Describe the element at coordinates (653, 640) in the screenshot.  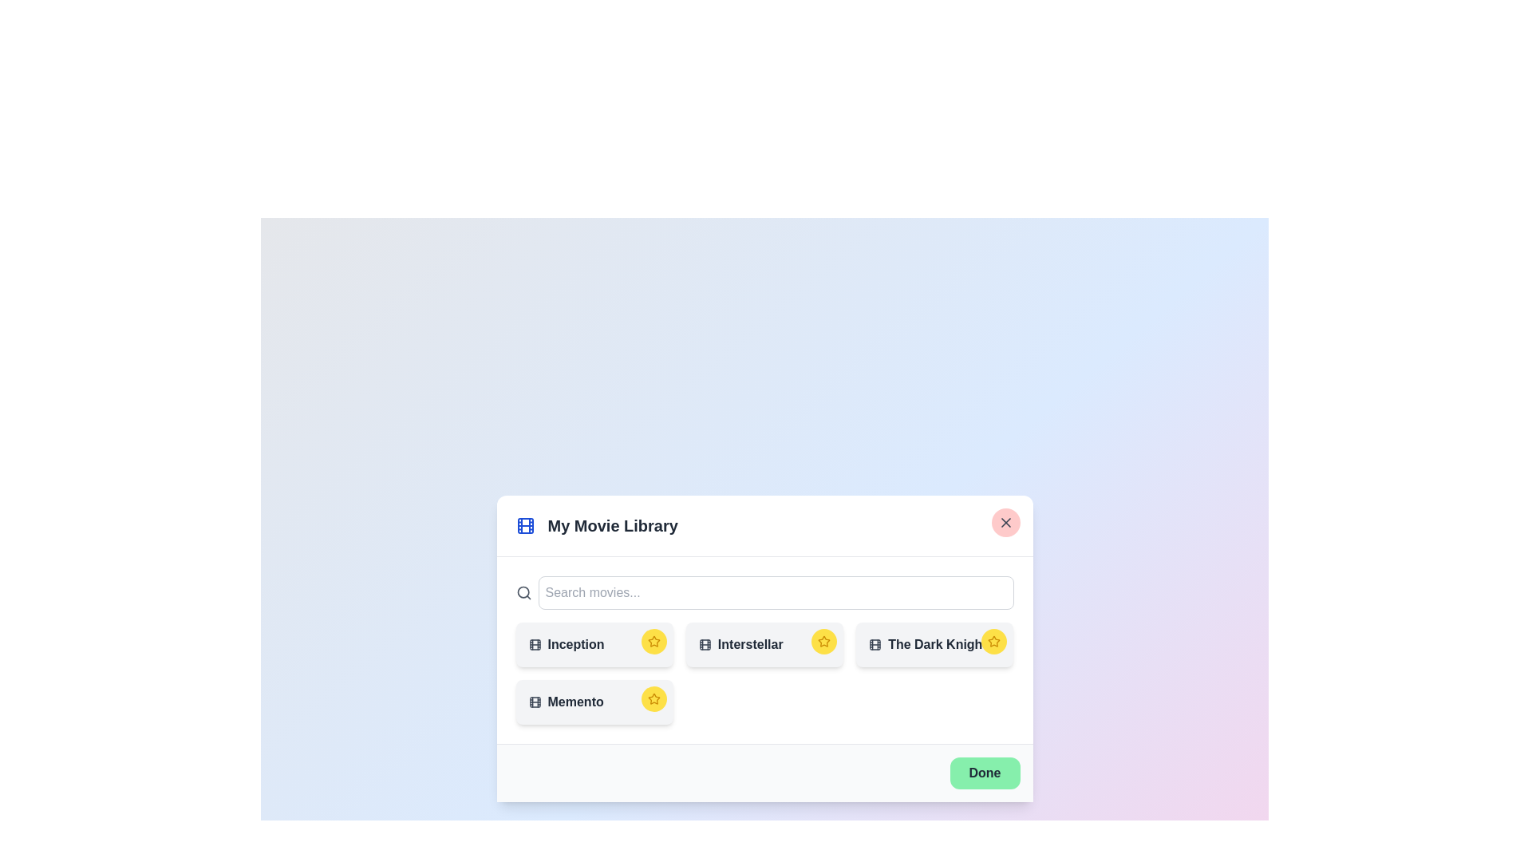
I see `the favorite icon inside the rounded button located at the top-right of the 'Inception' card` at that location.